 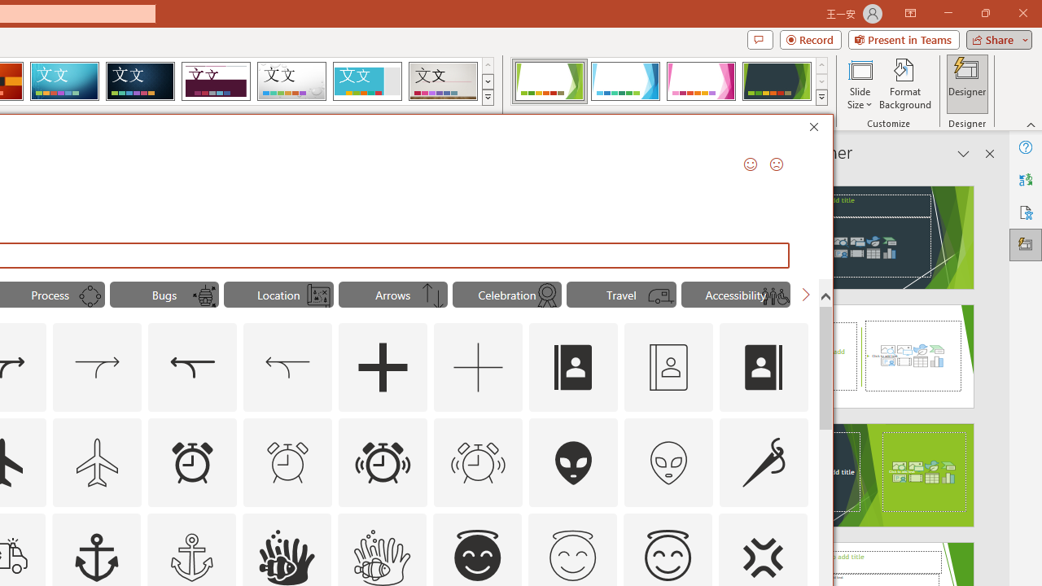 I want to click on 'AutomationID: Icons_Sort_M', so click(x=433, y=296).